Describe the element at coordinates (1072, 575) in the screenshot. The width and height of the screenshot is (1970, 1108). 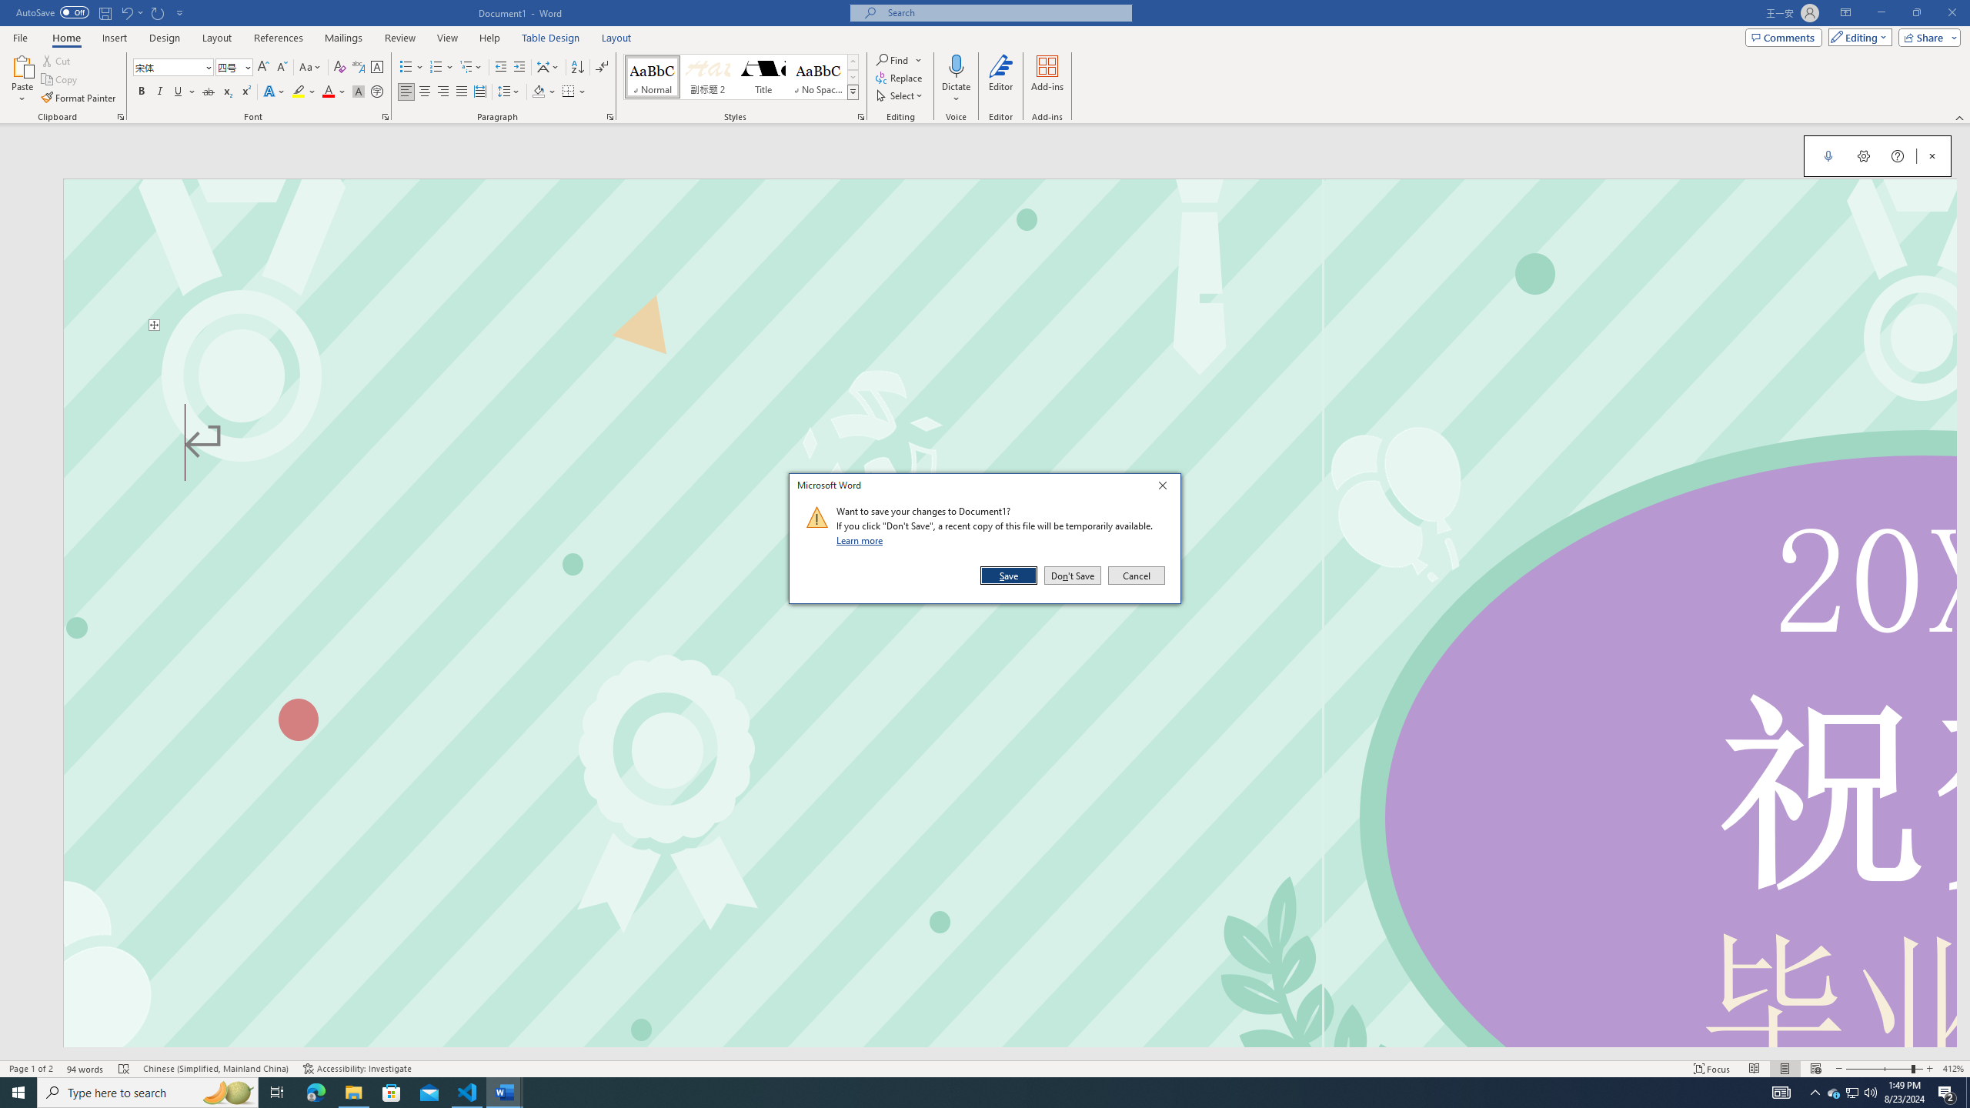
I see `'Don'` at that location.